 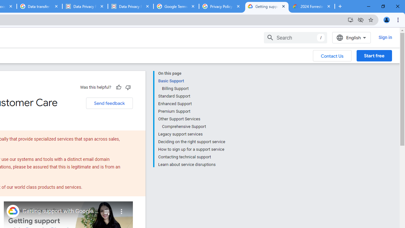 I want to click on 'Billing Support', so click(x=193, y=89).